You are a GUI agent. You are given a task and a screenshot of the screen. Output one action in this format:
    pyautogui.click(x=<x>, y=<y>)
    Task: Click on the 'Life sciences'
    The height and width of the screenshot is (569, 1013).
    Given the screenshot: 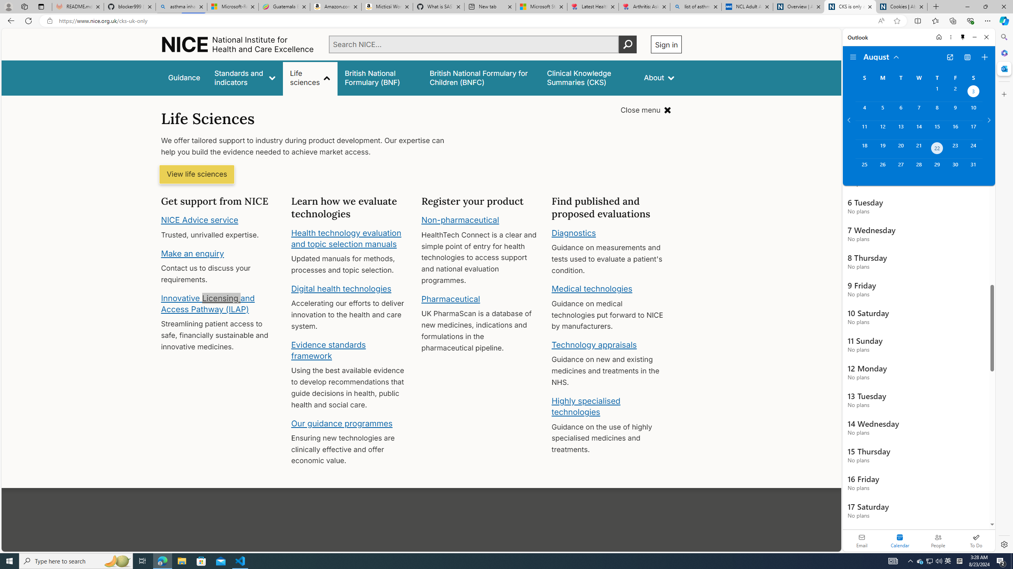 What is the action you would take?
    pyautogui.click(x=310, y=77)
    